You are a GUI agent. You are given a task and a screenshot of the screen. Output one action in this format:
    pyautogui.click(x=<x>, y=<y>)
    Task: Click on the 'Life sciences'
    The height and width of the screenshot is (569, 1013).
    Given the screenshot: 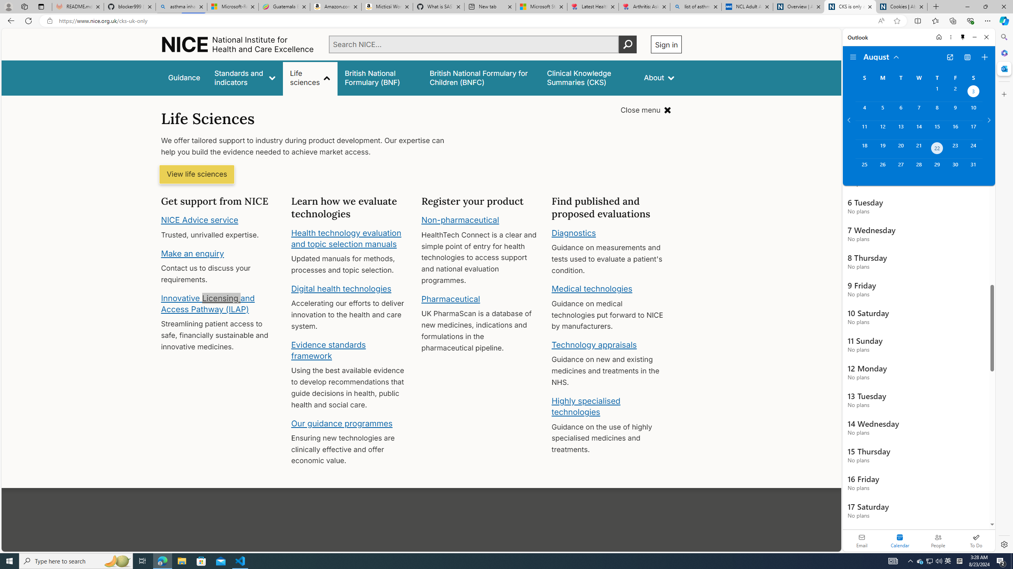 What is the action you would take?
    pyautogui.click(x=310, y=77)
    